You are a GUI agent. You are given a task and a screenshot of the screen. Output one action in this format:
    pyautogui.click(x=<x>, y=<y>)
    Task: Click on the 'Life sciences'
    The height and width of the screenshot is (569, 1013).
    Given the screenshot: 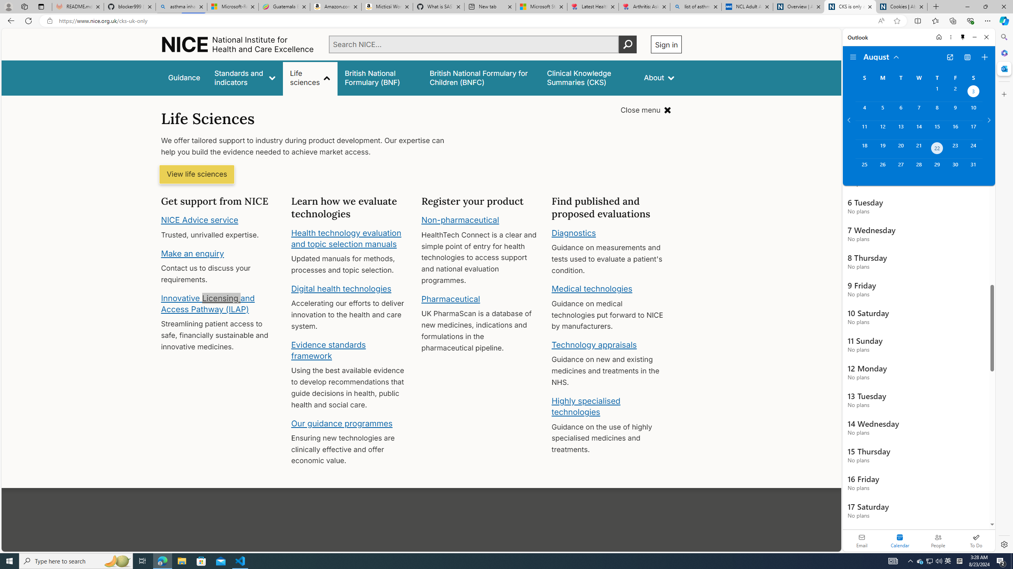 What is the action you would take?
    pyautogui.click(x=310, y=77)
    